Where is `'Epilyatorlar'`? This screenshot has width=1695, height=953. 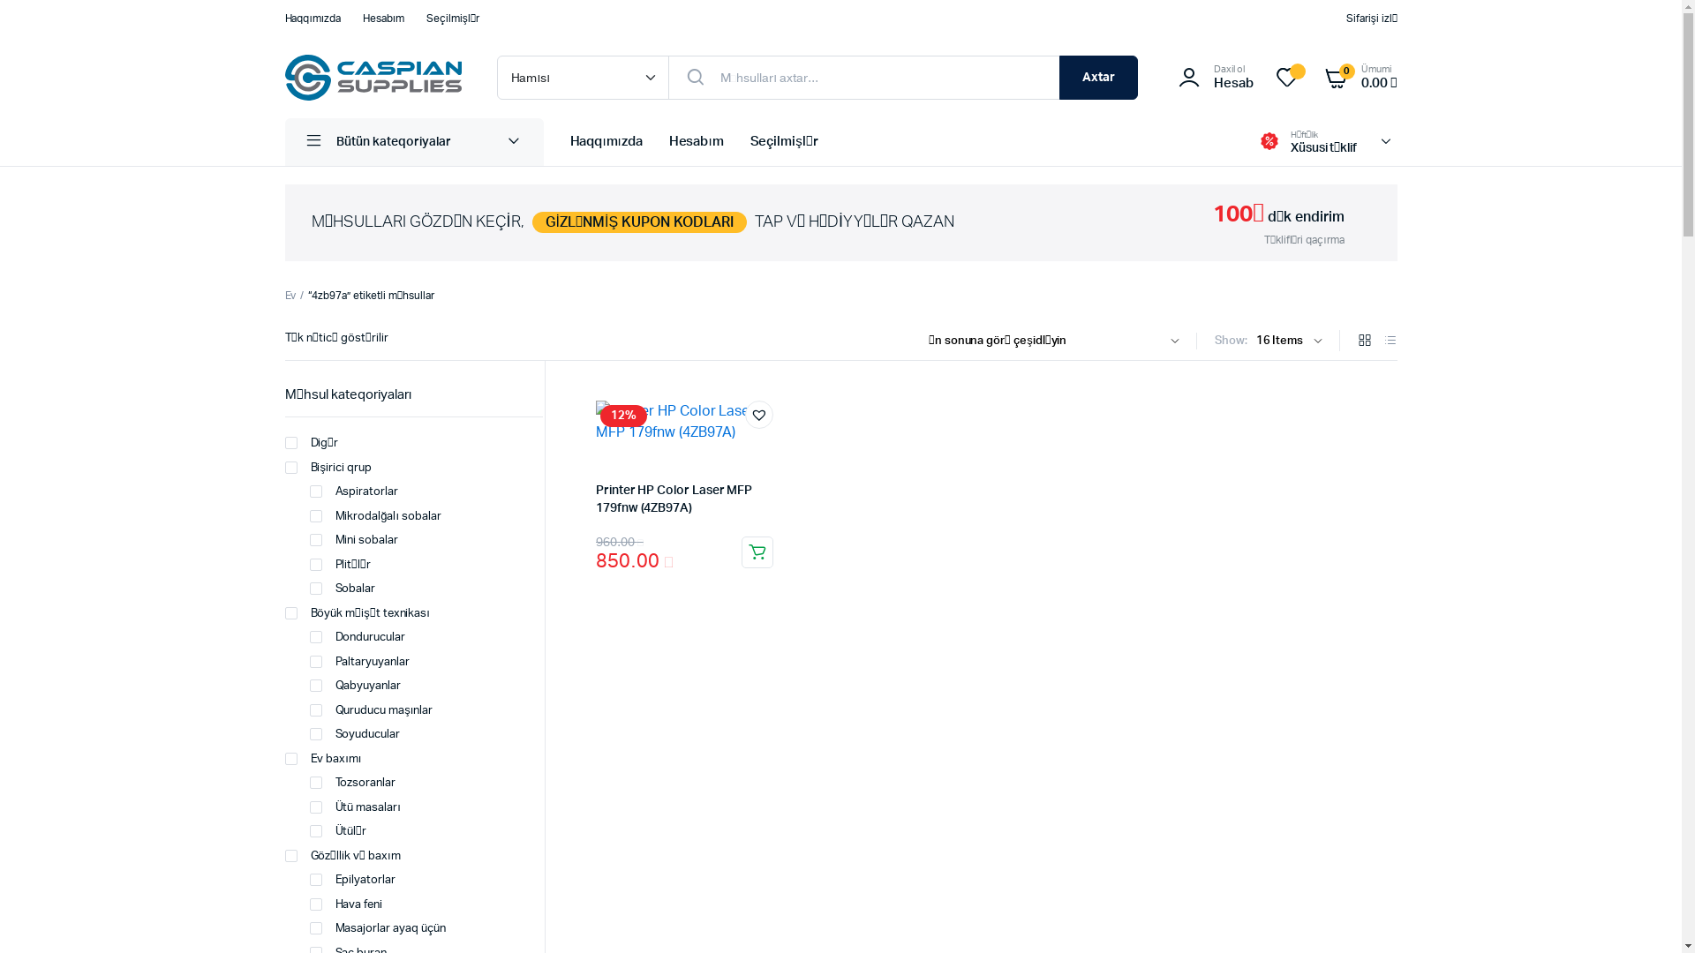 'Epilyatorlar' is located at coordinates (351, 881).